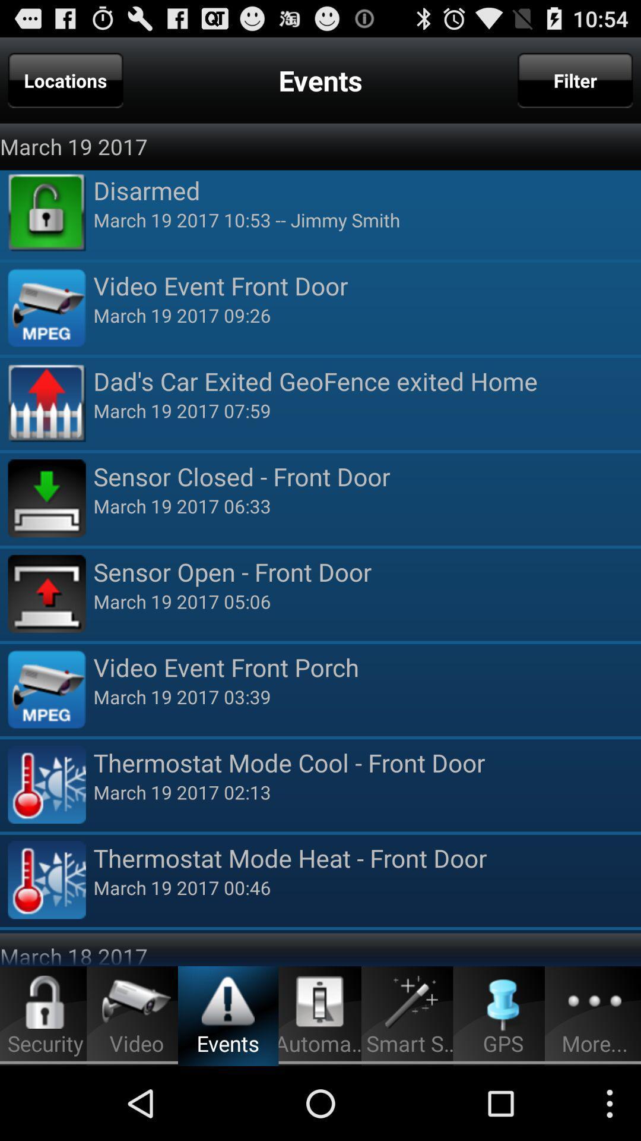 Image resolution: width=641 pixels, height=1141 pixels. Describe the element at coordinates (366, 190) in the screenshot. I see `the item above march 19 2017` at that location.